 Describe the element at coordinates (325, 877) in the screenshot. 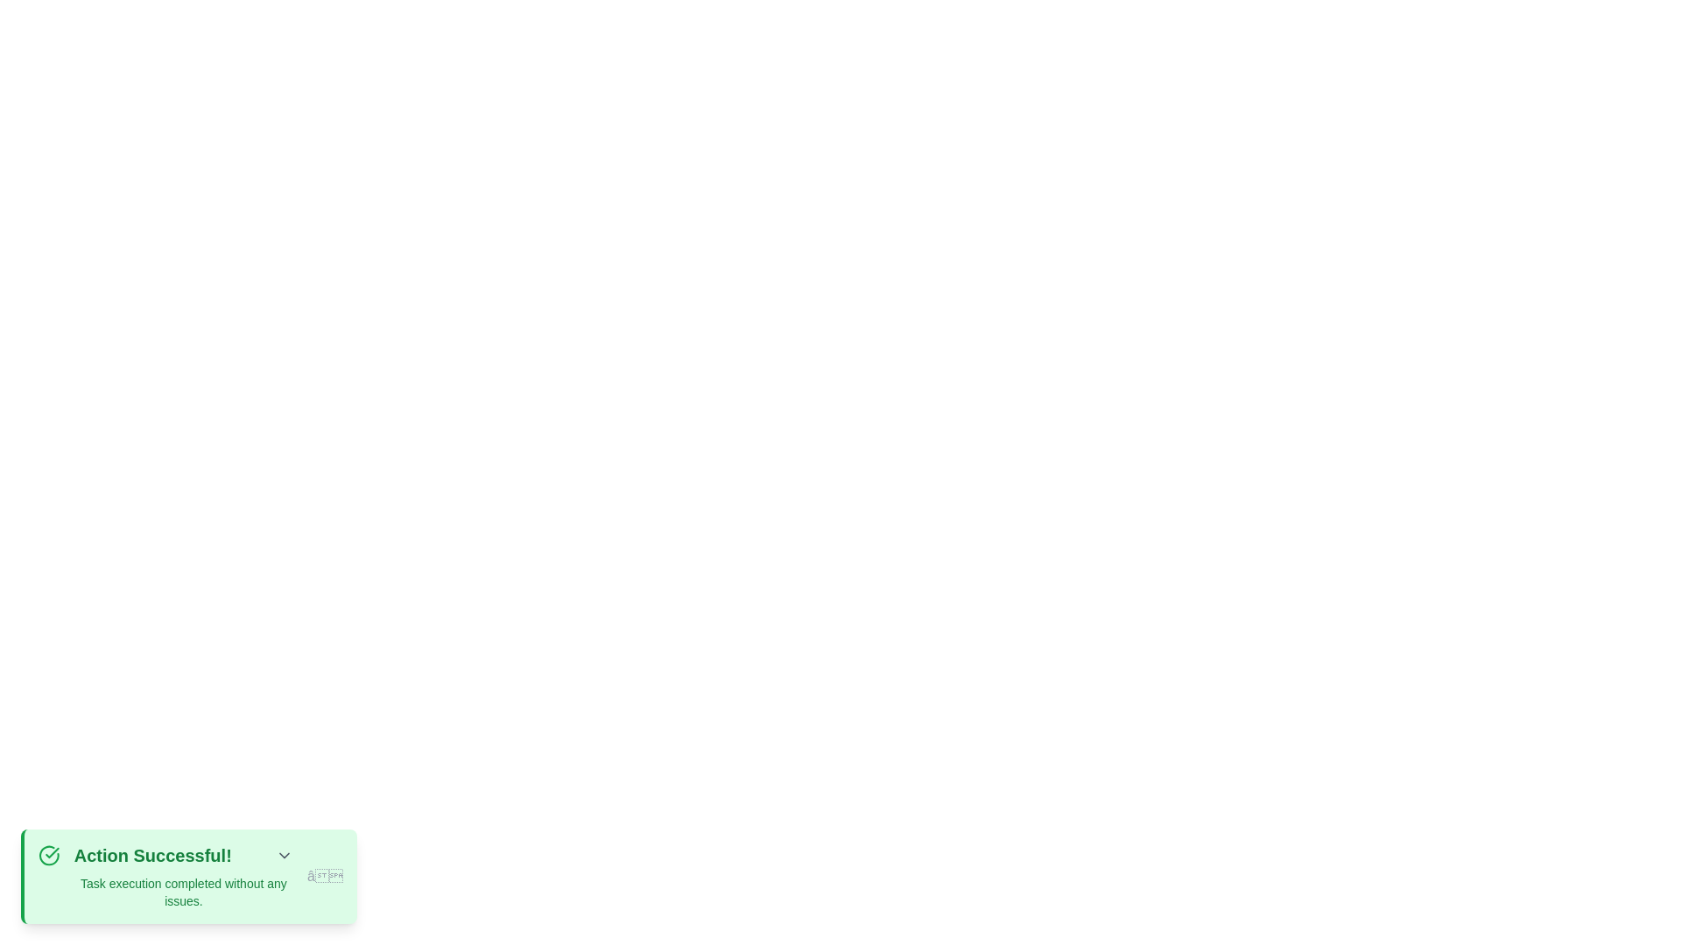

I see `the dismiss button to close the snackbar` at that location.